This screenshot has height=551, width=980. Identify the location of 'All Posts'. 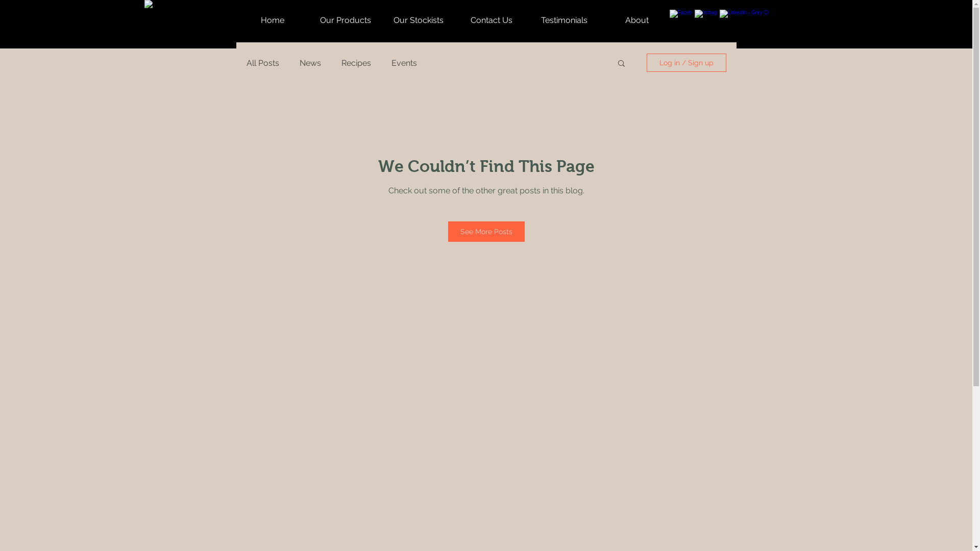
(262, 63).